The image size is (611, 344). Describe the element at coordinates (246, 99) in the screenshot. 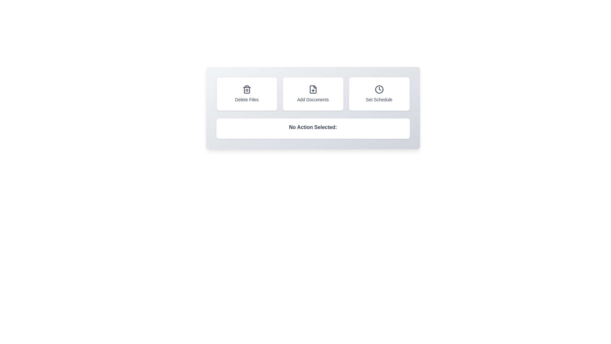

I see `the 'Delete Files' button which is the leftmost button in the interface, located beneath a waste bin icon` at that location.